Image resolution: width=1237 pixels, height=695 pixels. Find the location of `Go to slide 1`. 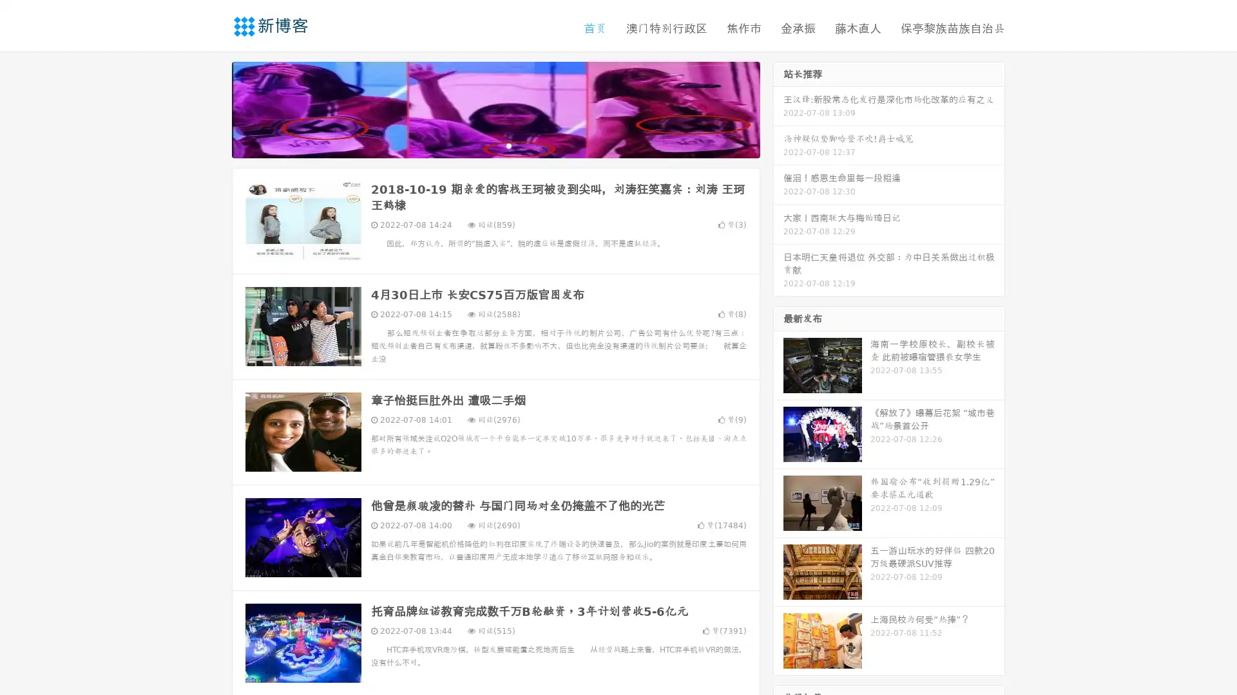

Go to slide 1 is located at coordinates (482, 145).